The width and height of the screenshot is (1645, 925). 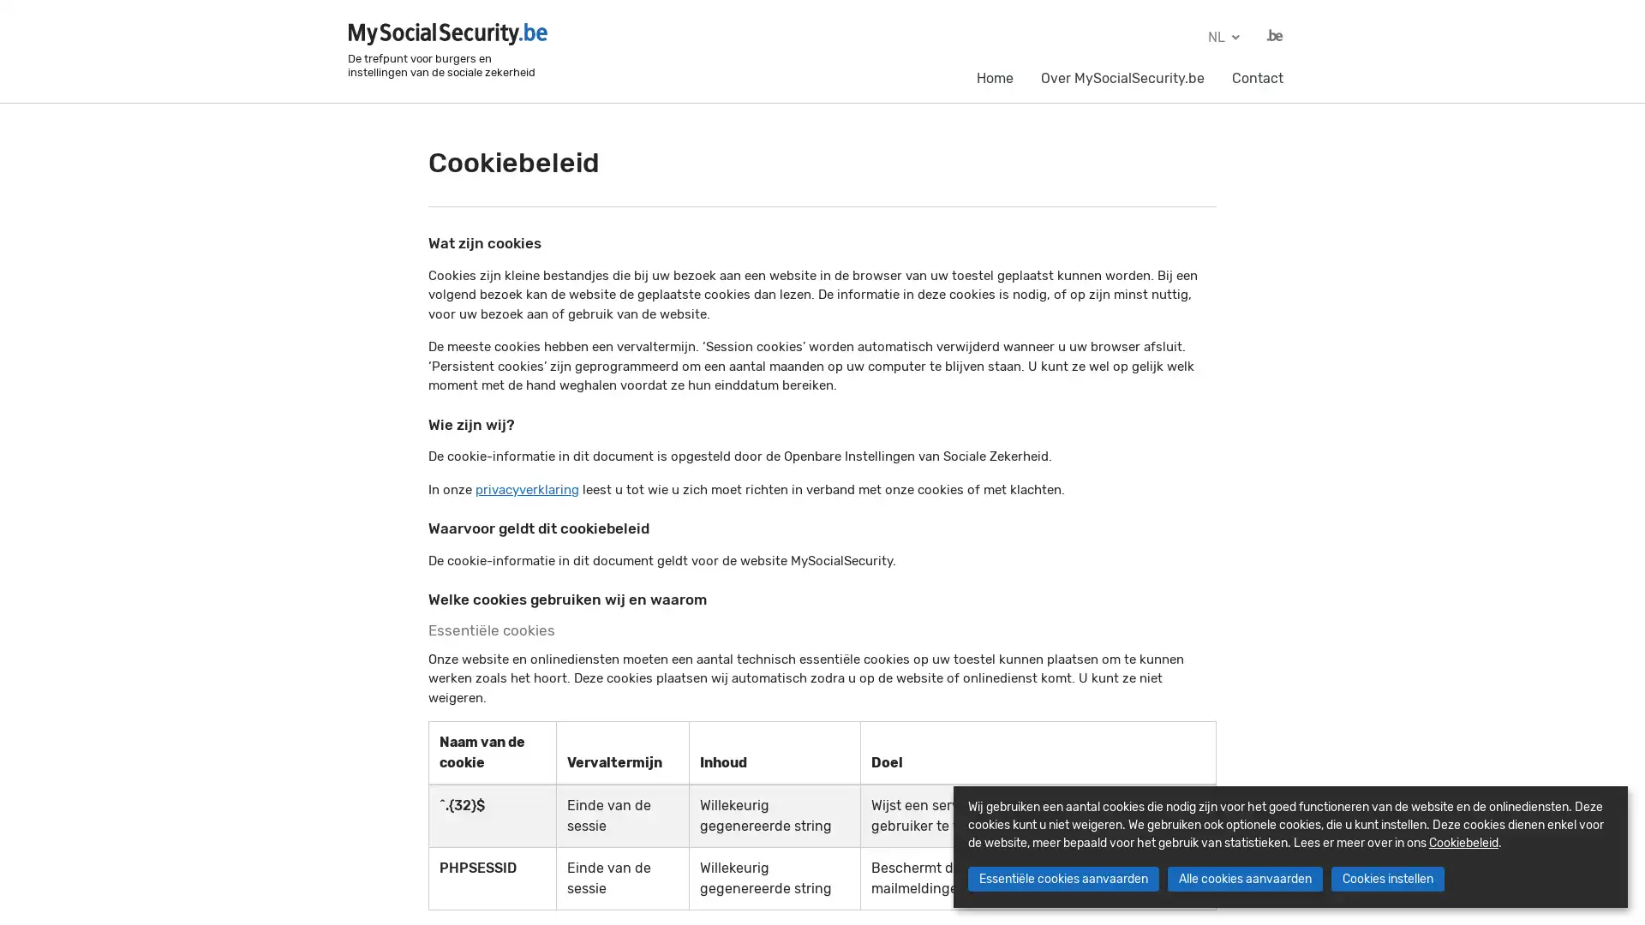 What do you see at coordinates (1386, 879) in the screenshot?
I see `Cookies instellen` at bounding box center [1386, 879].